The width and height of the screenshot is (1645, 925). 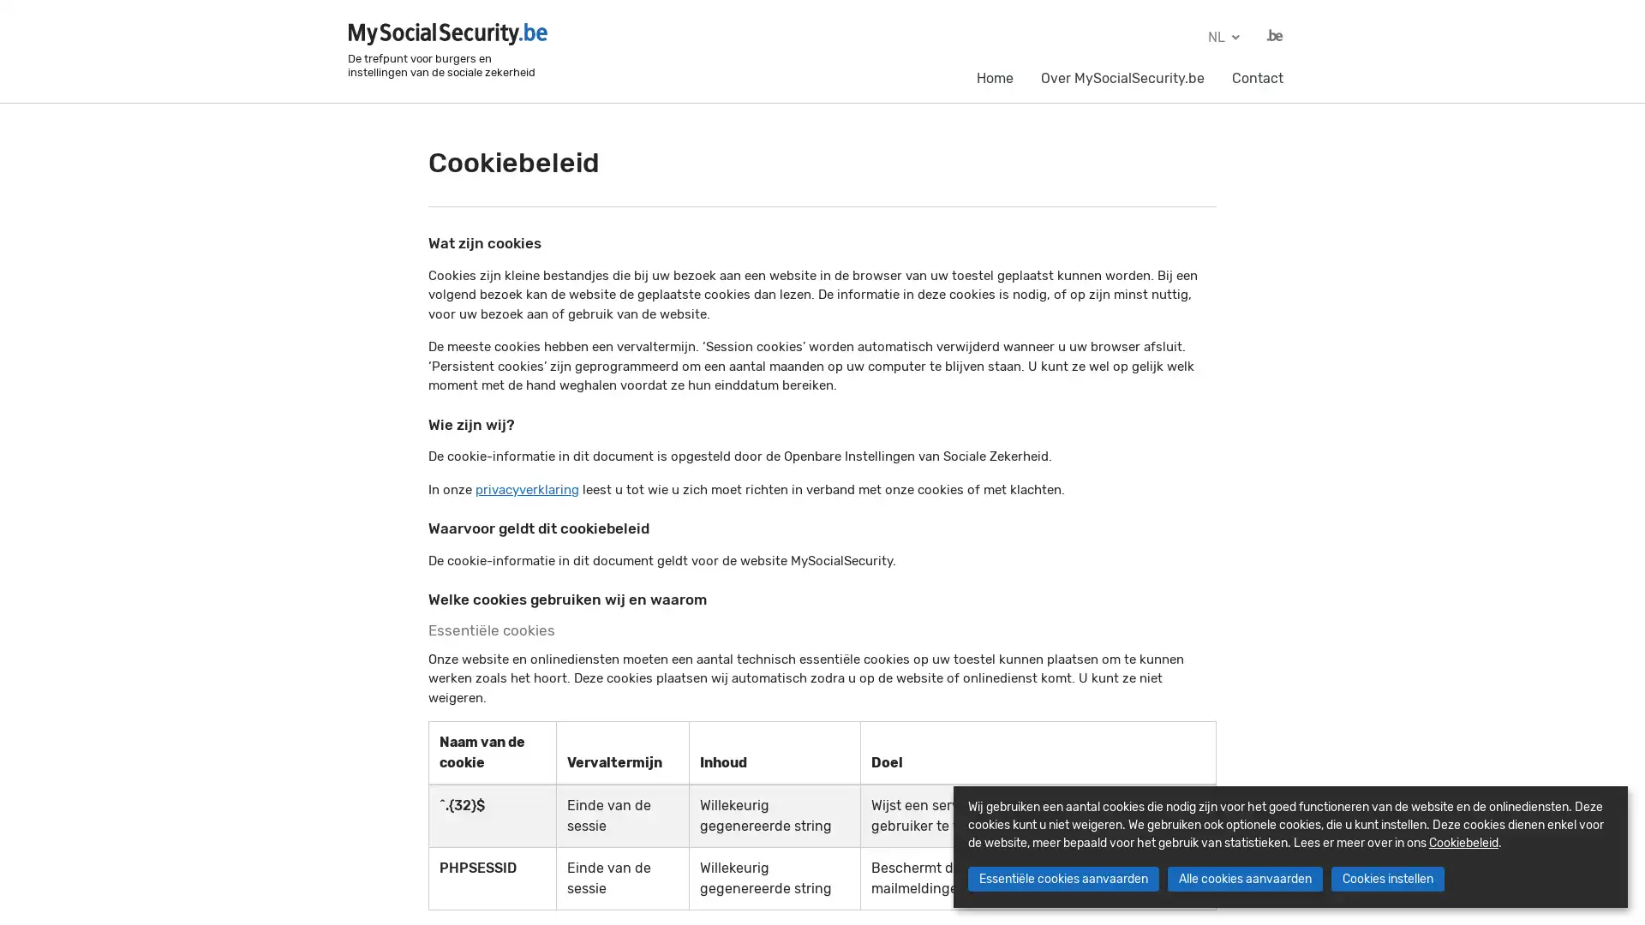 What do you see at coordinates (1386, 879) in the screenshot?
I see `Cookies instellen` at bounding box center [1386, 879].